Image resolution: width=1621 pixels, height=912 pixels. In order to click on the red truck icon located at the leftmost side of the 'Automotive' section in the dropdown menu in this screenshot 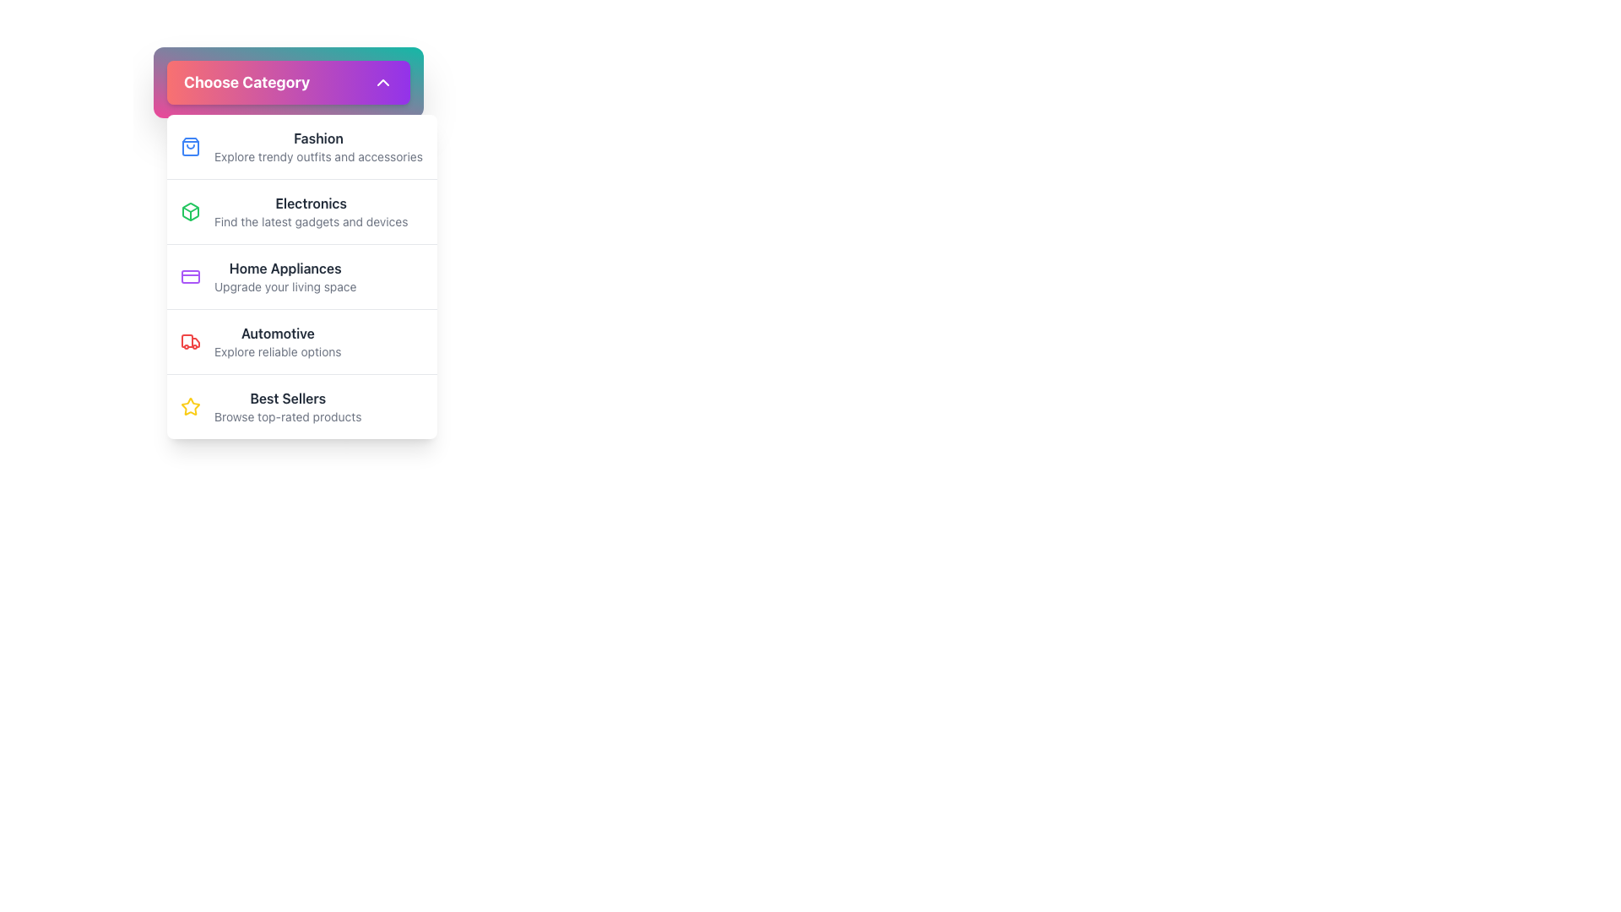, I will do `click(190, 342)`.